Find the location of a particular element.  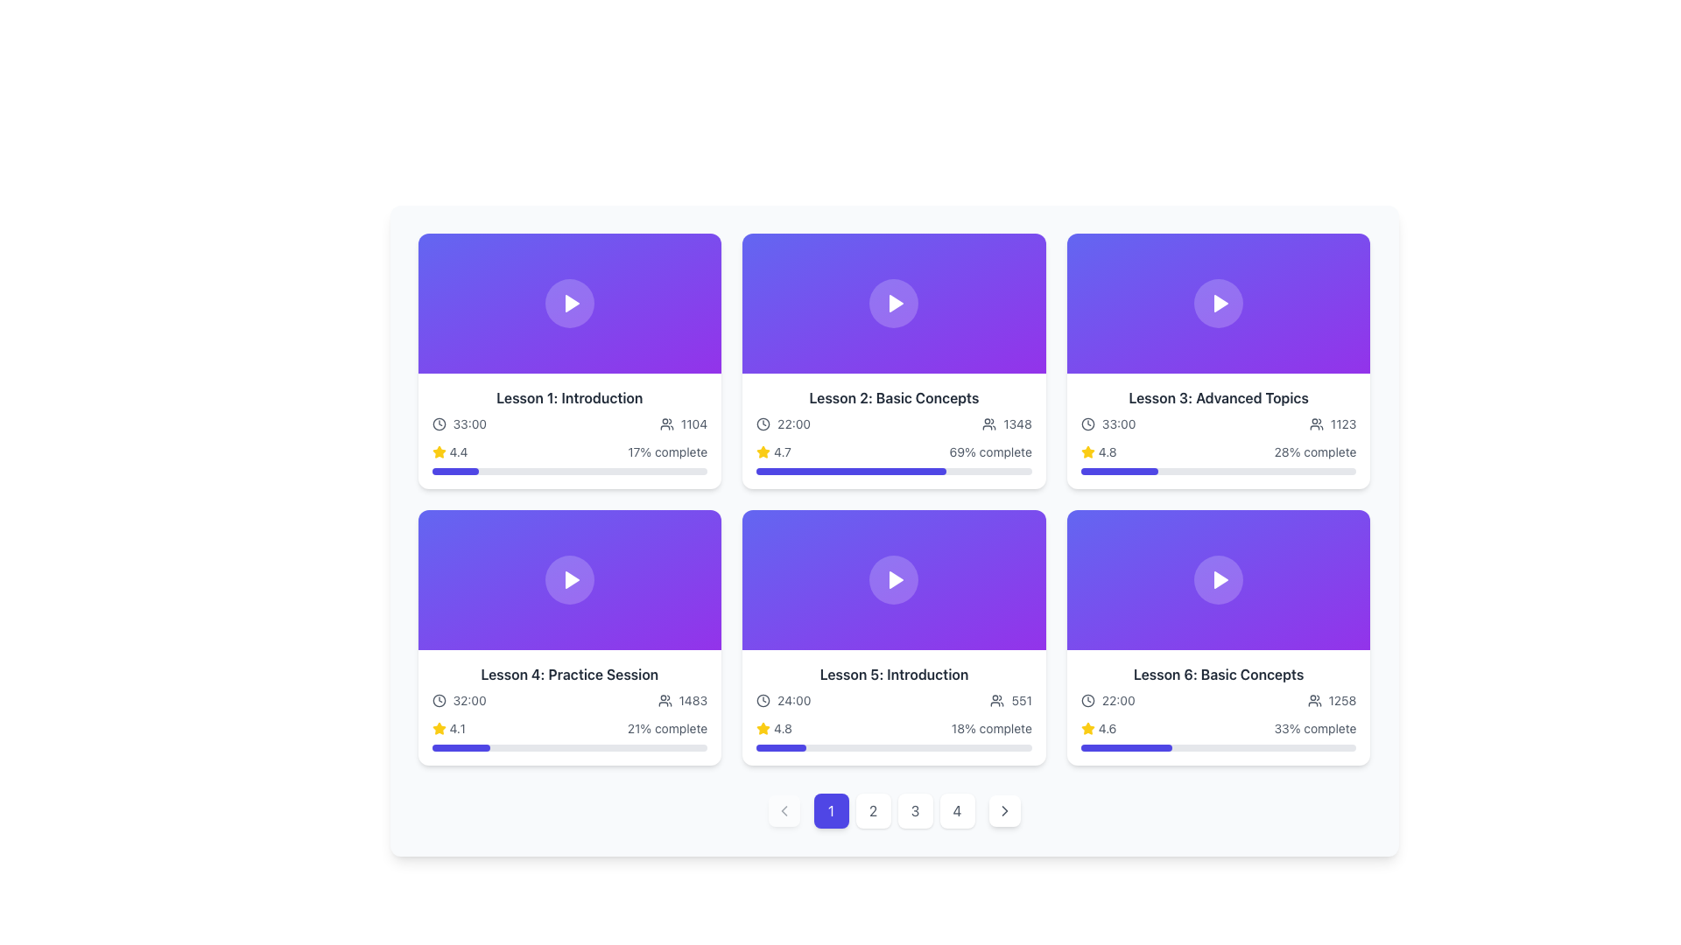

the time label displaying '24:00' with the accompanying clock icon, located within the 'Lesson 5: Introduction' tile is located at coordinates (783, 700).